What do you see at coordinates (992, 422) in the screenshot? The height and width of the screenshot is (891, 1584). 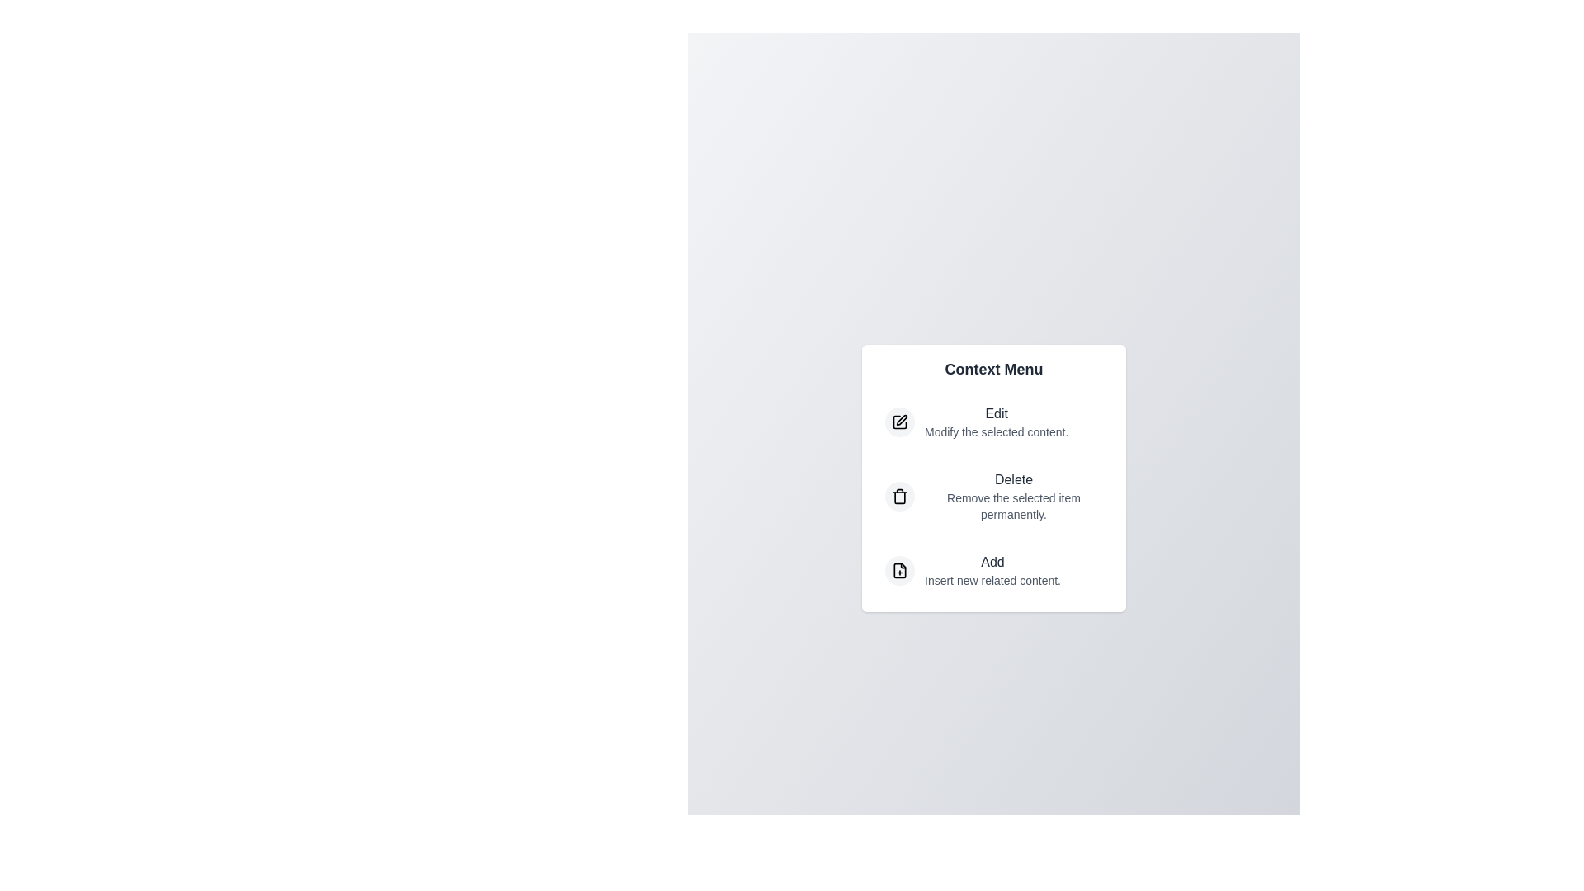 I see `the 'Edit' option in the context menu to modify content` at bounding box center [992, 422].